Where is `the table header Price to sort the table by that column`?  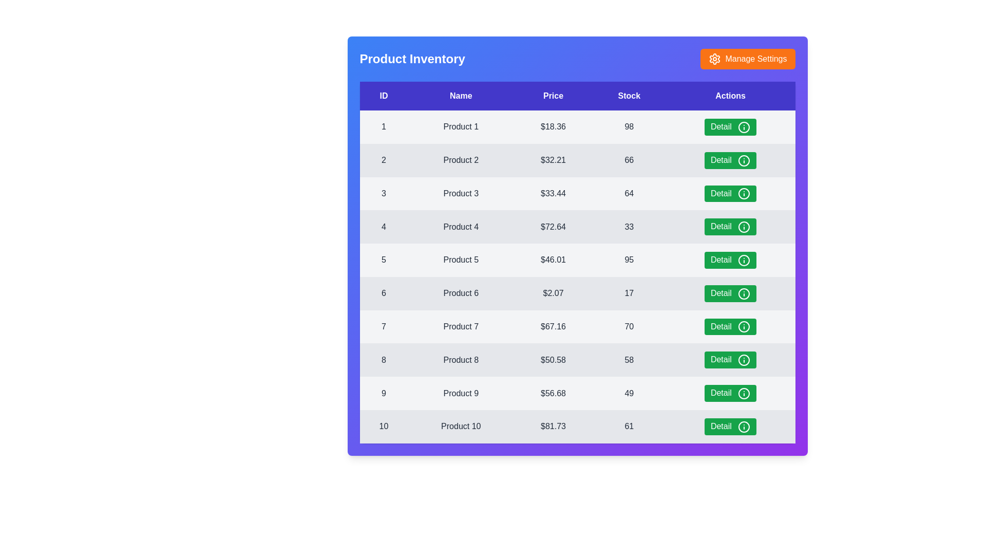
the table header Price to sort the table by that column is located at coordinates (553, 96).